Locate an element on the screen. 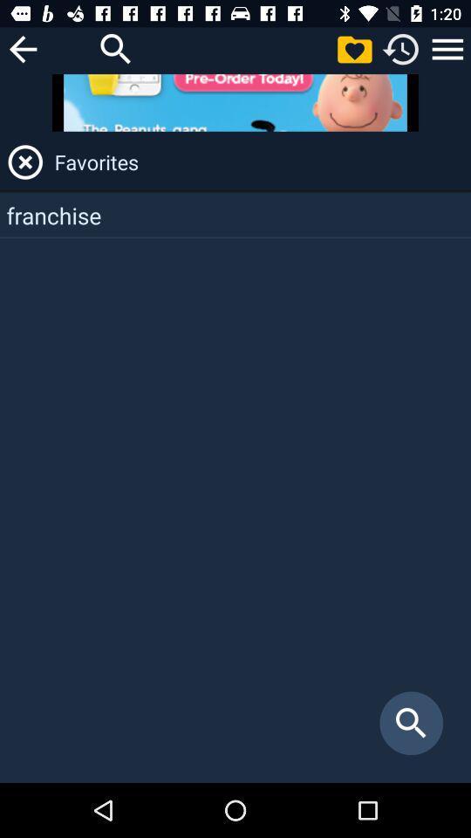  icon at the bottom right corner is located at coordinates (411, 723).